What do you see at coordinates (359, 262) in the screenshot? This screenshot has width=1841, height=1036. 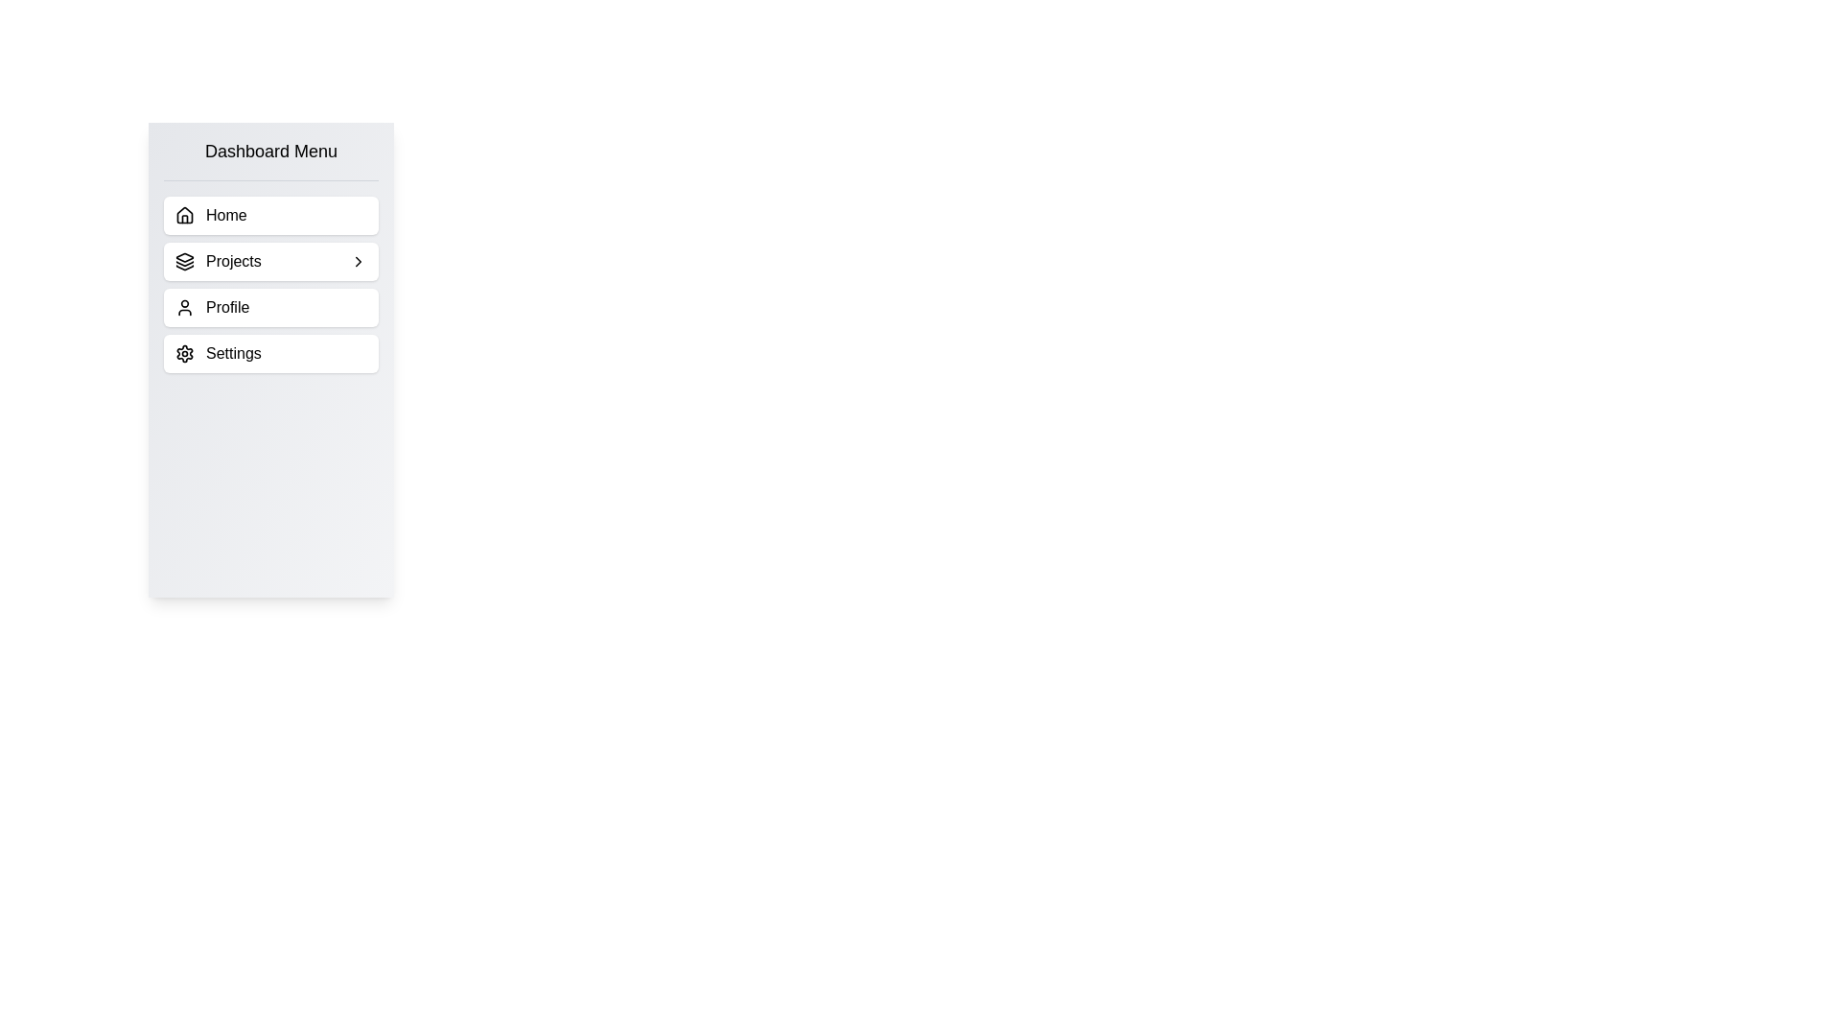 I see `the icon located next to the 'Projects' label` at bounding box center [359, 262].